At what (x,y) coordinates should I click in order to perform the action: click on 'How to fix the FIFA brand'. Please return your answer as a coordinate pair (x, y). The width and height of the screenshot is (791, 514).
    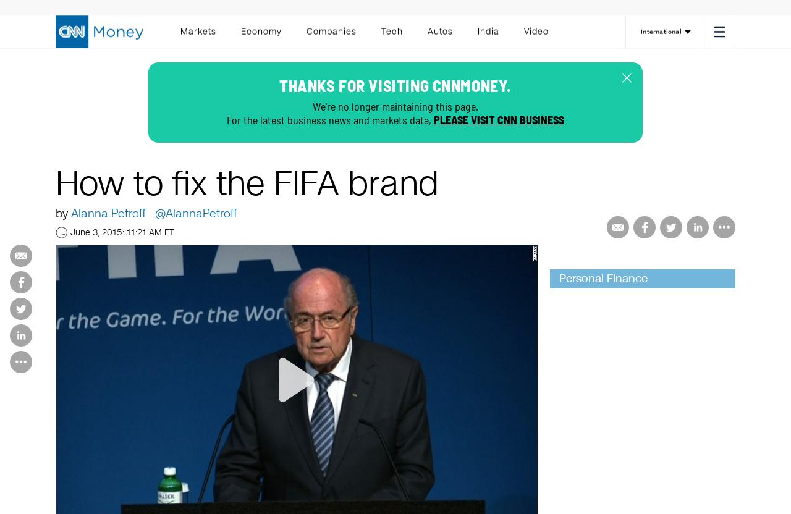
    Looking at the image, I should click on (247, 184).